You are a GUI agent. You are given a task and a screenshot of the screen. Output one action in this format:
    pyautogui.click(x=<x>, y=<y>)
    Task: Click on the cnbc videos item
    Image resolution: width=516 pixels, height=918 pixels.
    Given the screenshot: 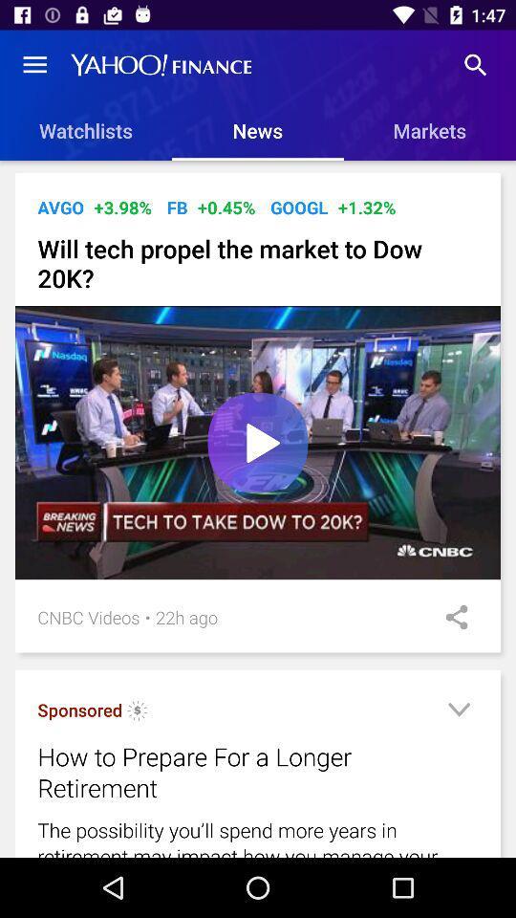 What is the action you would take?
    pyautogui.click(x=87, y=616)
    